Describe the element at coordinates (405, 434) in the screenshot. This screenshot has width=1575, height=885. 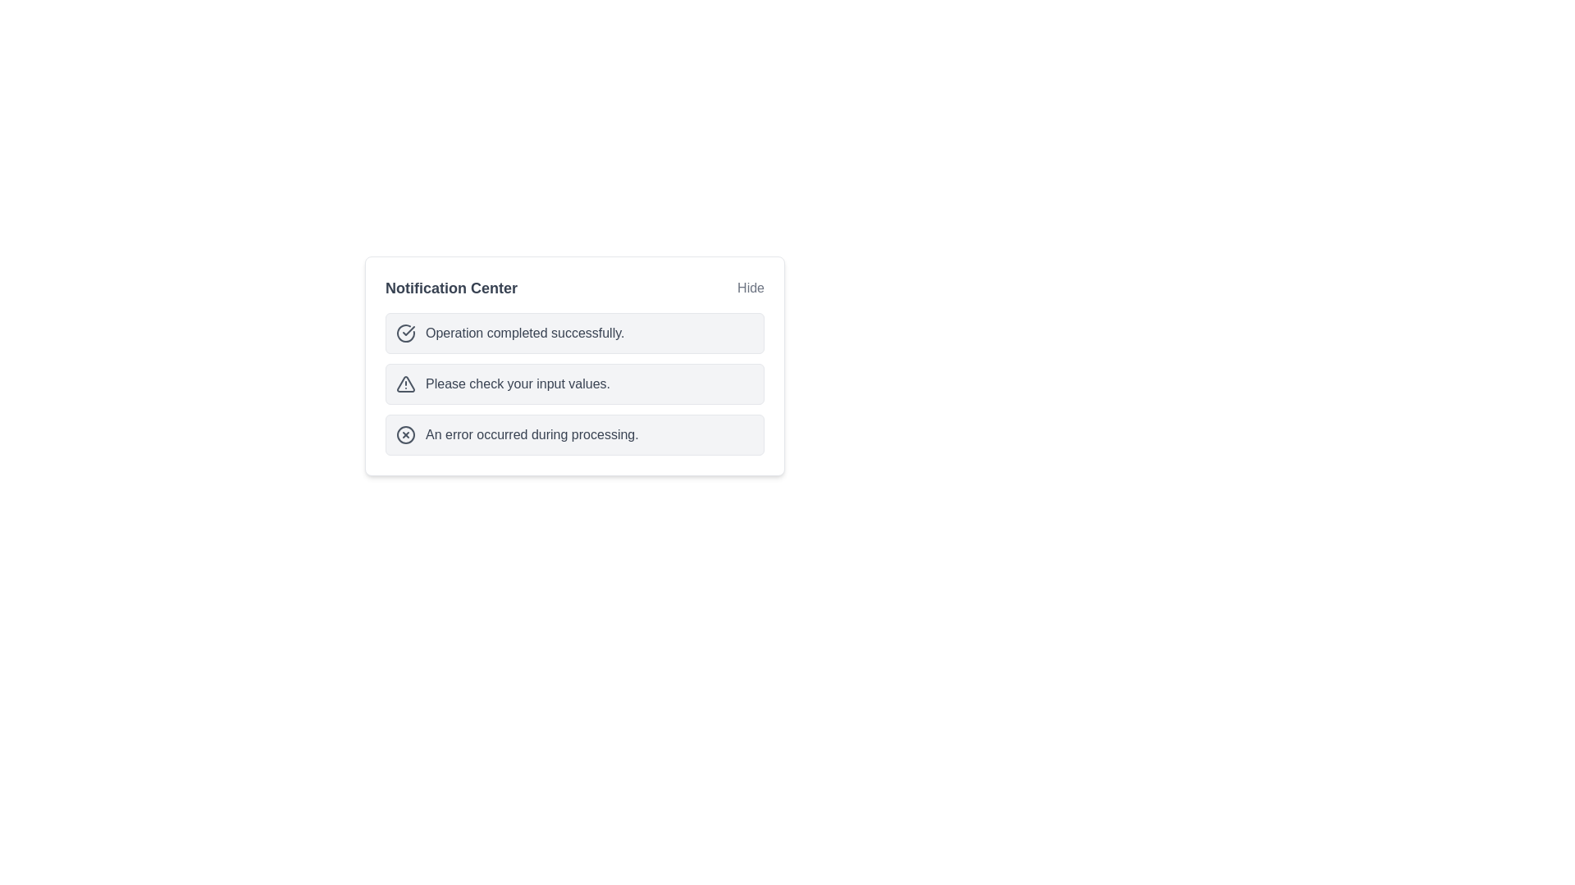
I see `the SVG circle element that serves as a background for the 'Notification Center' component` at that location.